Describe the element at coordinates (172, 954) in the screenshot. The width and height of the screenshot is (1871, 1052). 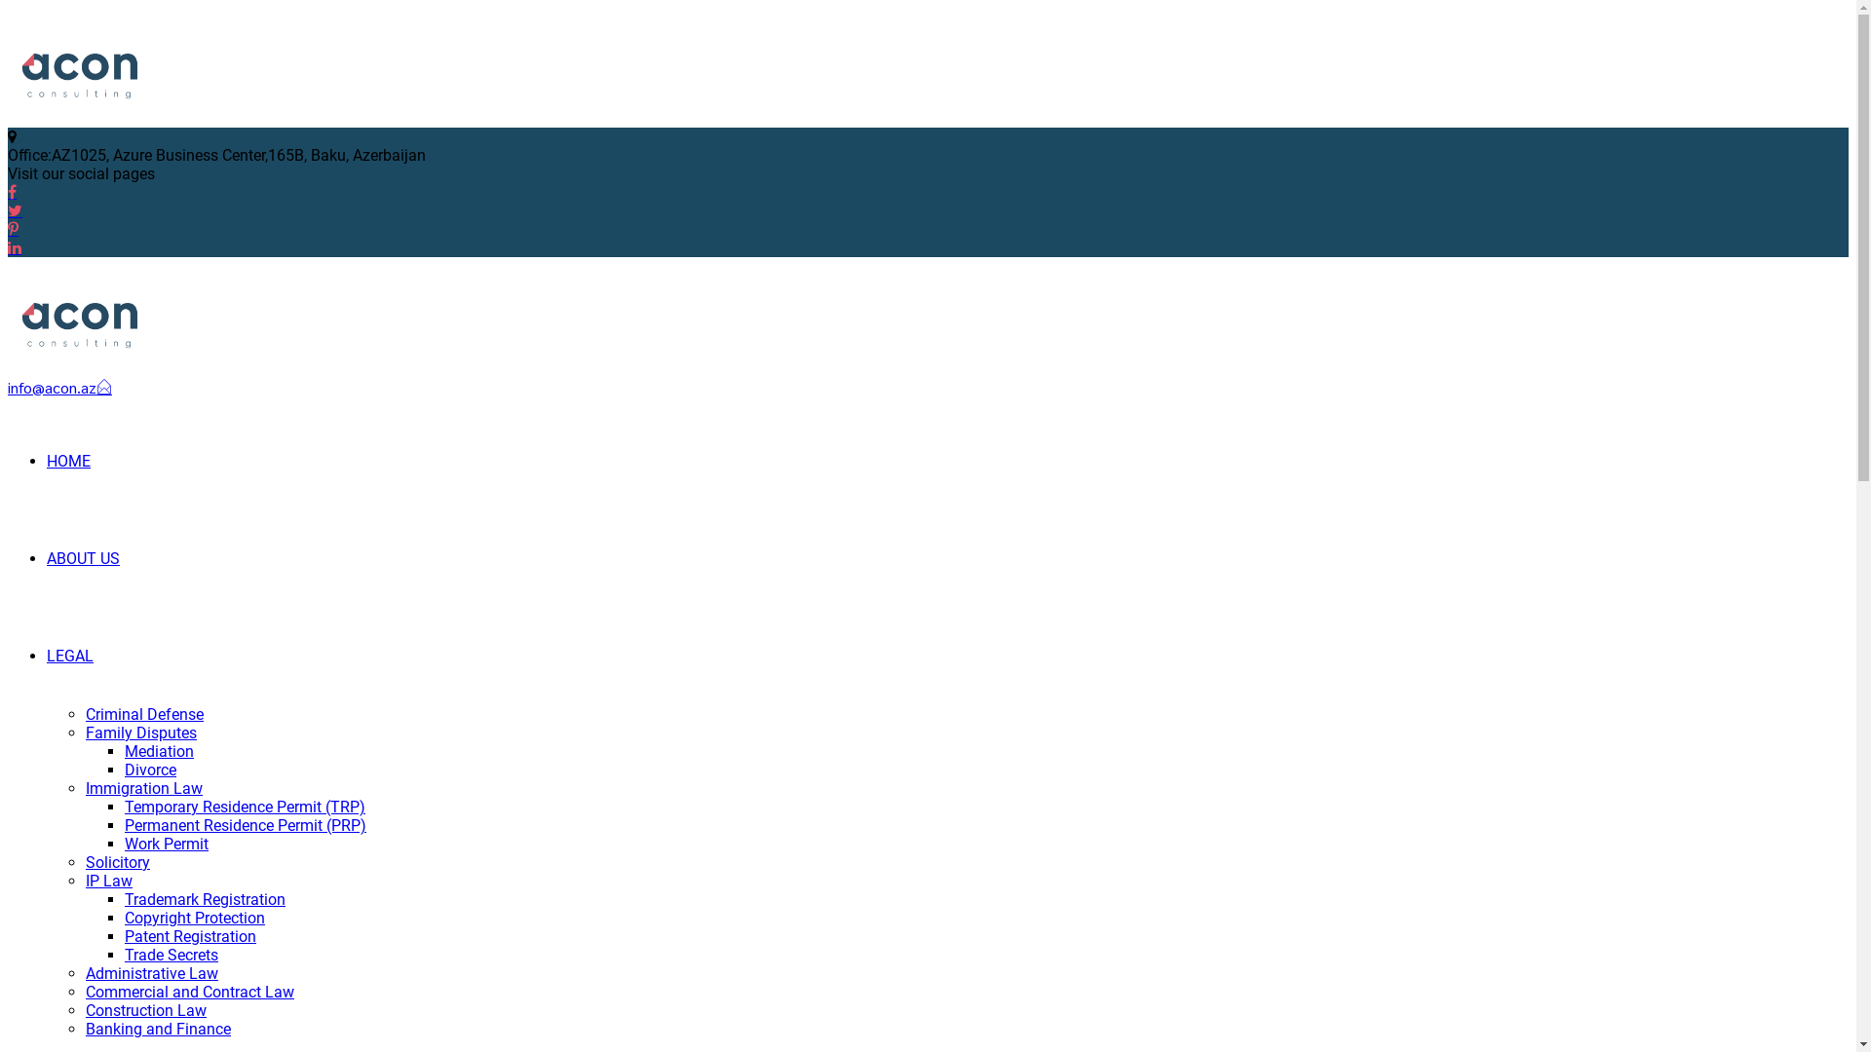
I see `'Trade Secrets'` at that location.